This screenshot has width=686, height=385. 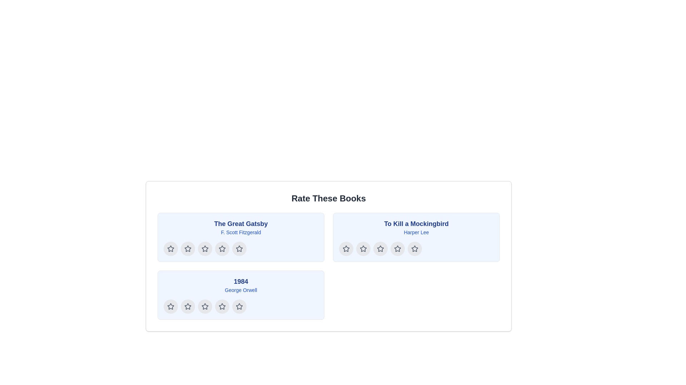 I want to click on the first star icon that allows users to give a one-star rating to the book 'The Great Gatsby', so click(x=170, y=248).